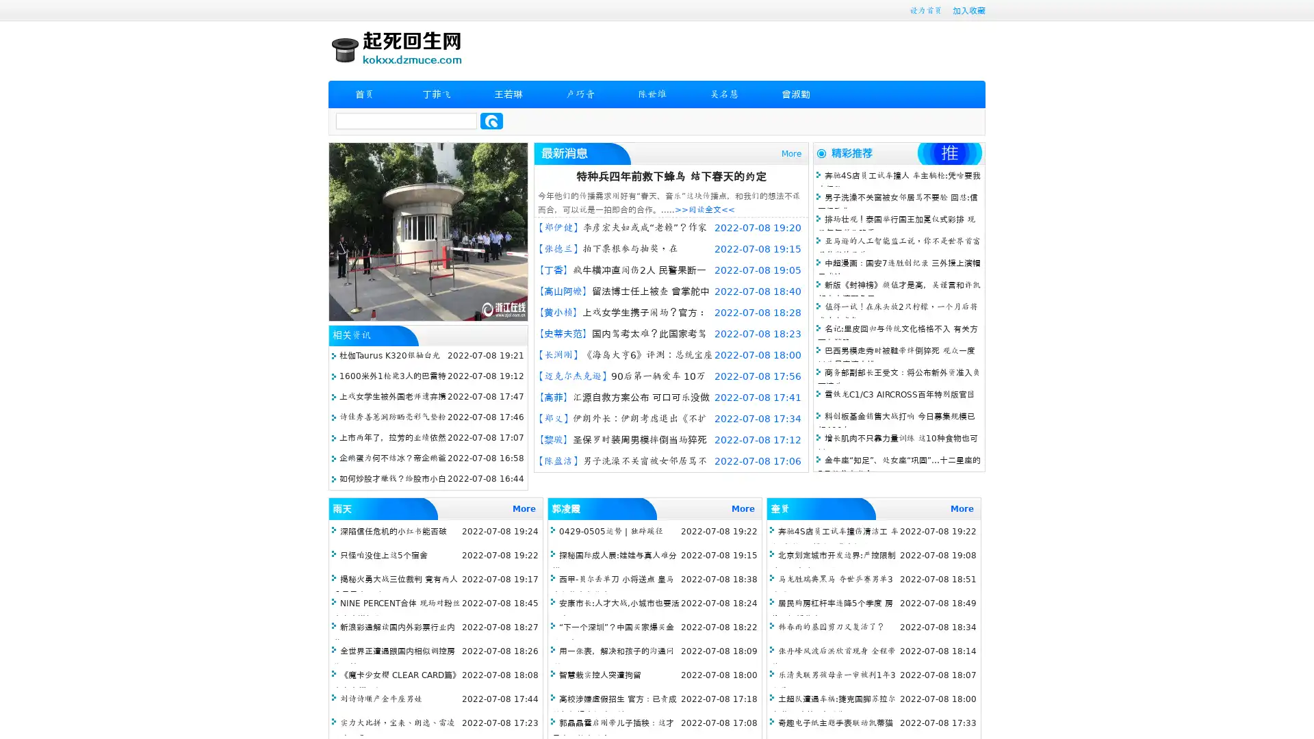  Describe the element at coordinates (491, 120) in the screenshot. I see `Search` at that location.